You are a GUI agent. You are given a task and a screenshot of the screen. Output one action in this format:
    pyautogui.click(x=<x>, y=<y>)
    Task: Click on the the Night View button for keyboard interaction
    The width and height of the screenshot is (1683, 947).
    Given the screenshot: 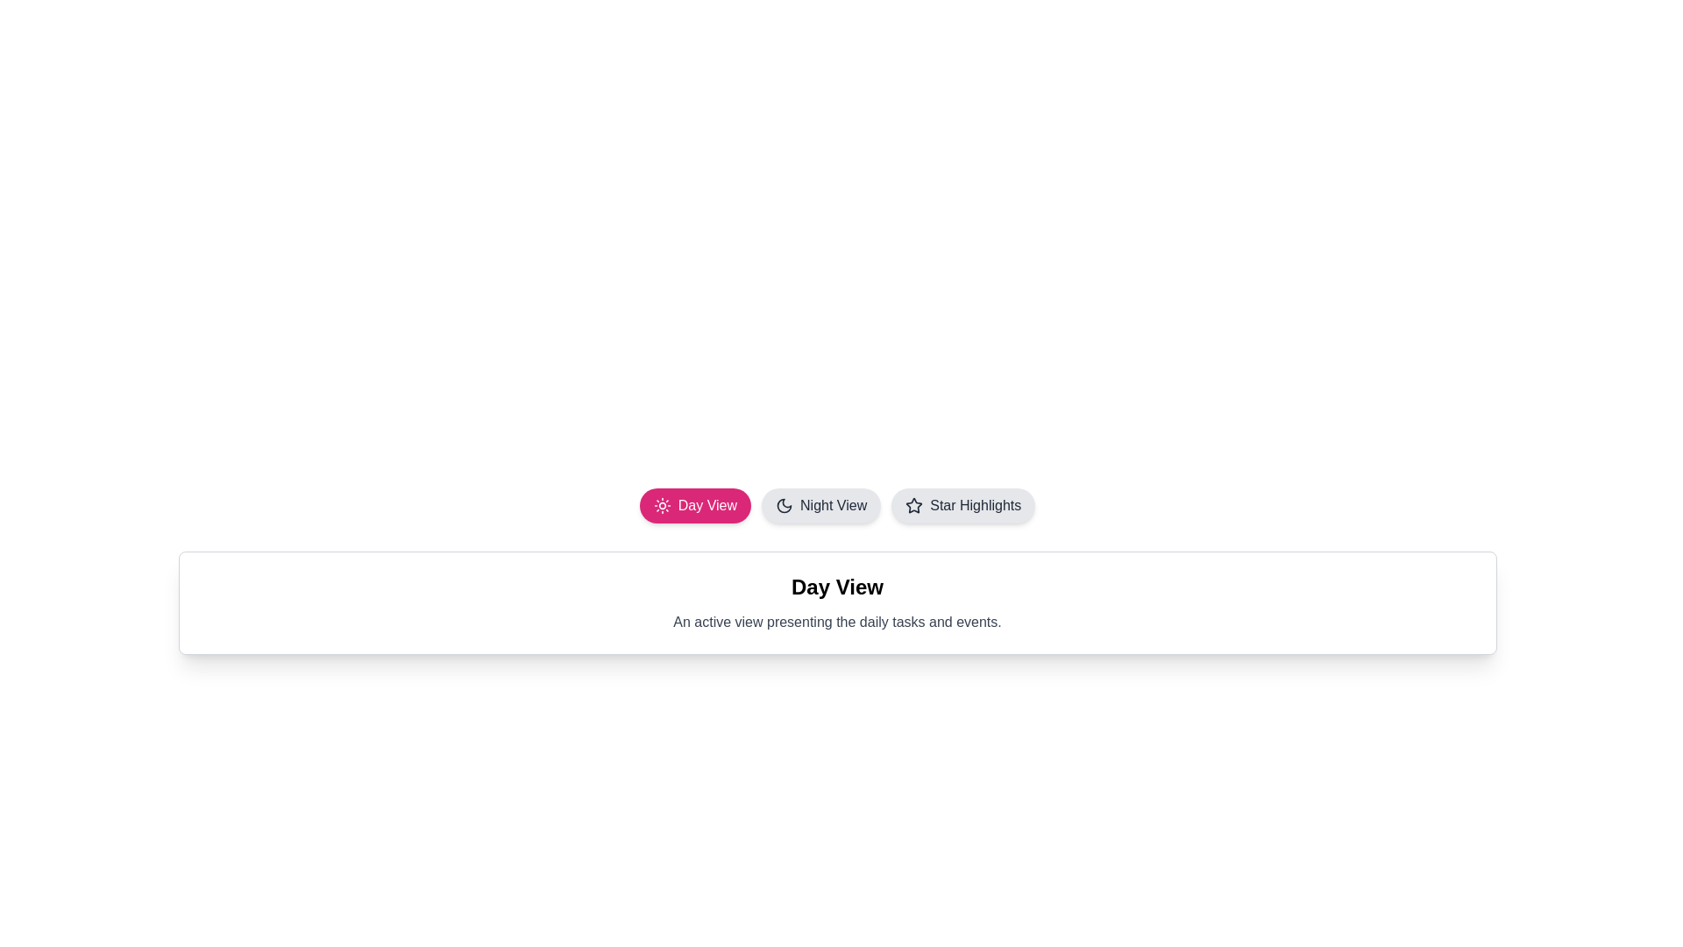 What is the action you would take?
    pyautogui.click(x=820, y=506)
    